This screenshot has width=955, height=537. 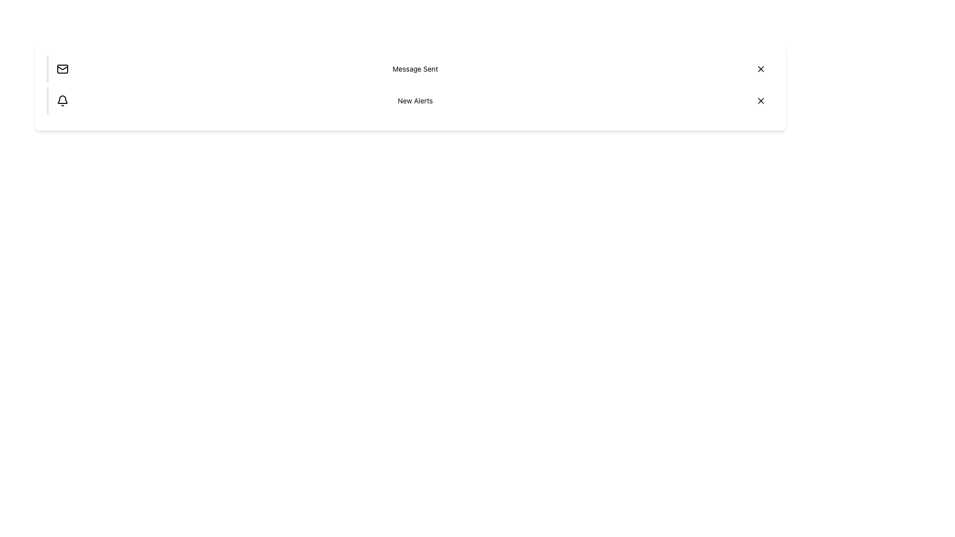 I want to click on the envelope icon in the navigation menu for accessibility usage, so click(x=62, y=68).